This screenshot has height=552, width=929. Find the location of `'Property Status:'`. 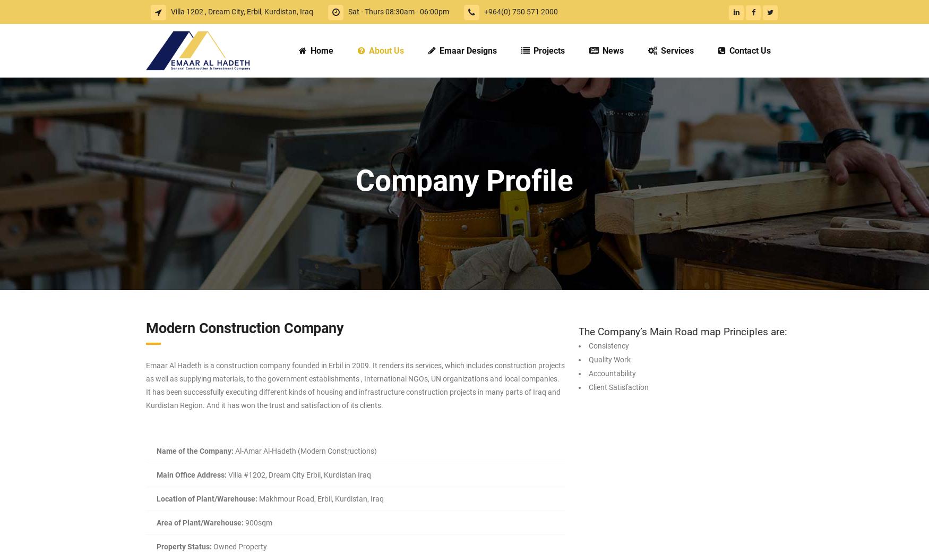

'Property Status:' is located at coordinates (184, 547).